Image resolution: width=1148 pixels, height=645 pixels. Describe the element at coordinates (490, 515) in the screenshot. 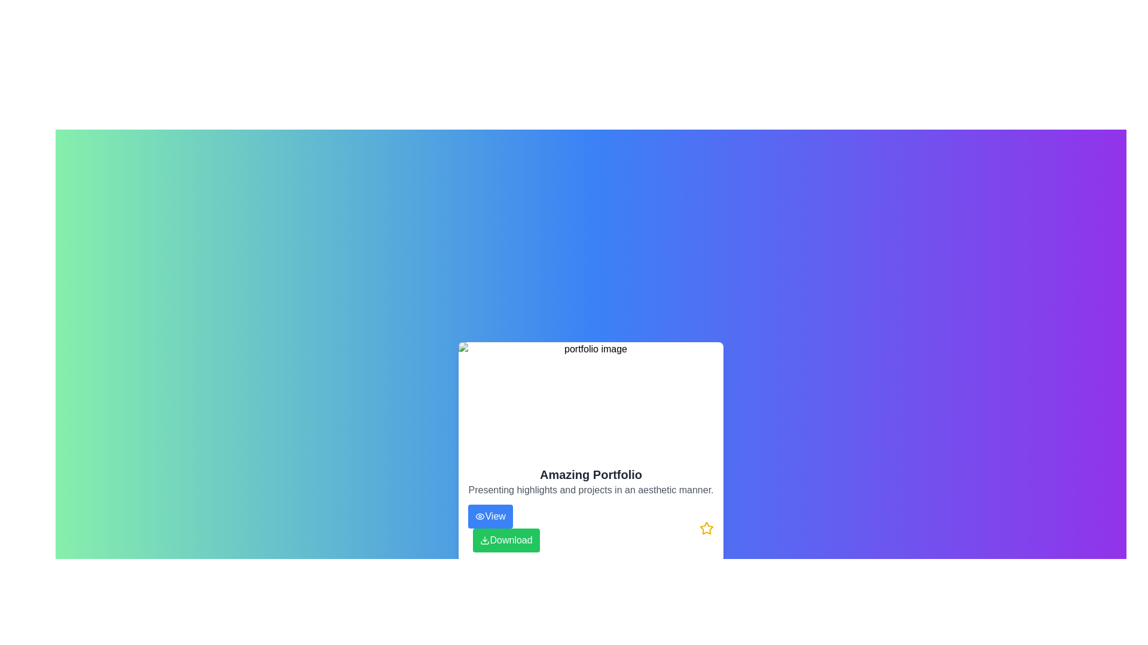

I see `the 'View' button located to the left of the 'Download' button under the 'Amazing Portfolio' heading to observe any hover effects` at that location.